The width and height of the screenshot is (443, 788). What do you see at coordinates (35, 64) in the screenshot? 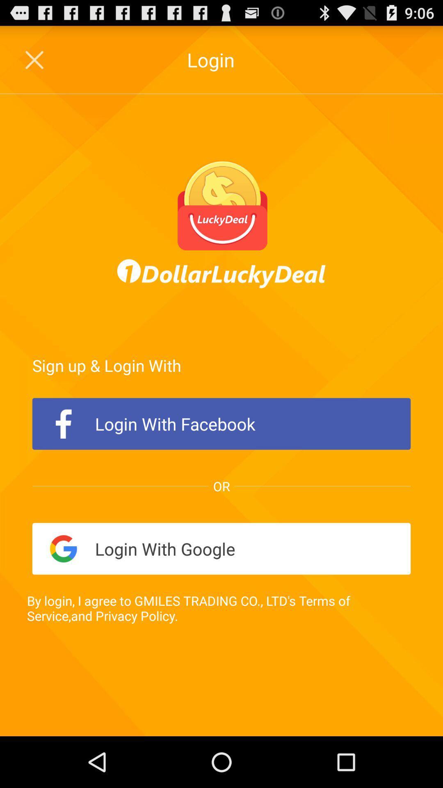
I see `the close icon` at bounding box center [35, 64].